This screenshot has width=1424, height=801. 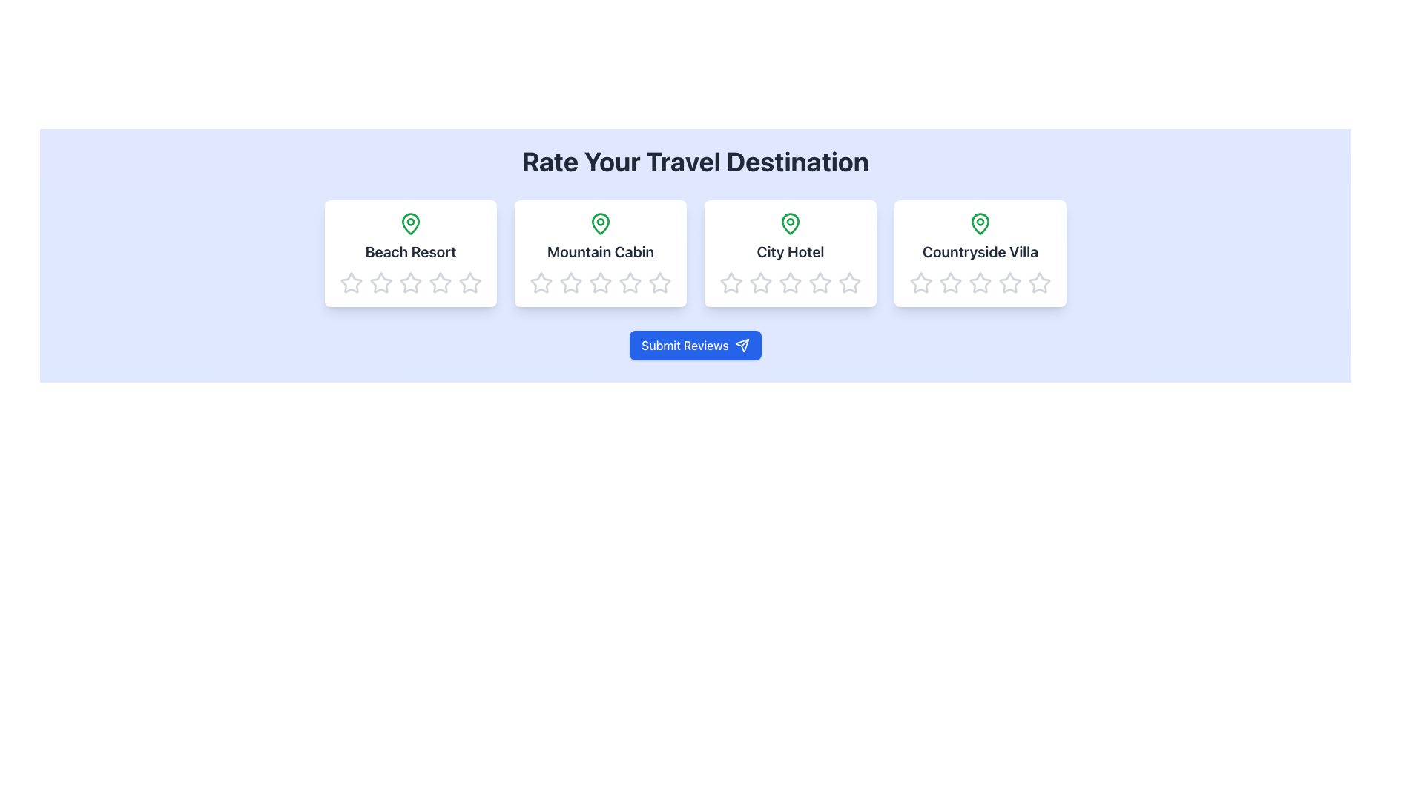 What do you see at coordinates (1009, 283) in the screenshot?
I see `the fourth star rating icon in the horizontal group of stars below the 'Countryside Villa' card` at bounding box center [1009, 283].